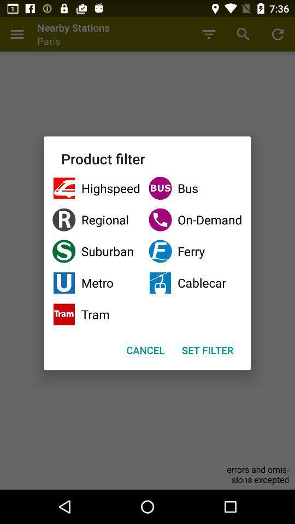 The width and height of the screenshot is (295, 524). What do you see at coordinates (194, 219) in the screenshot?
I see `item to the right of the highspeed item` at bounding box center [194, 219].